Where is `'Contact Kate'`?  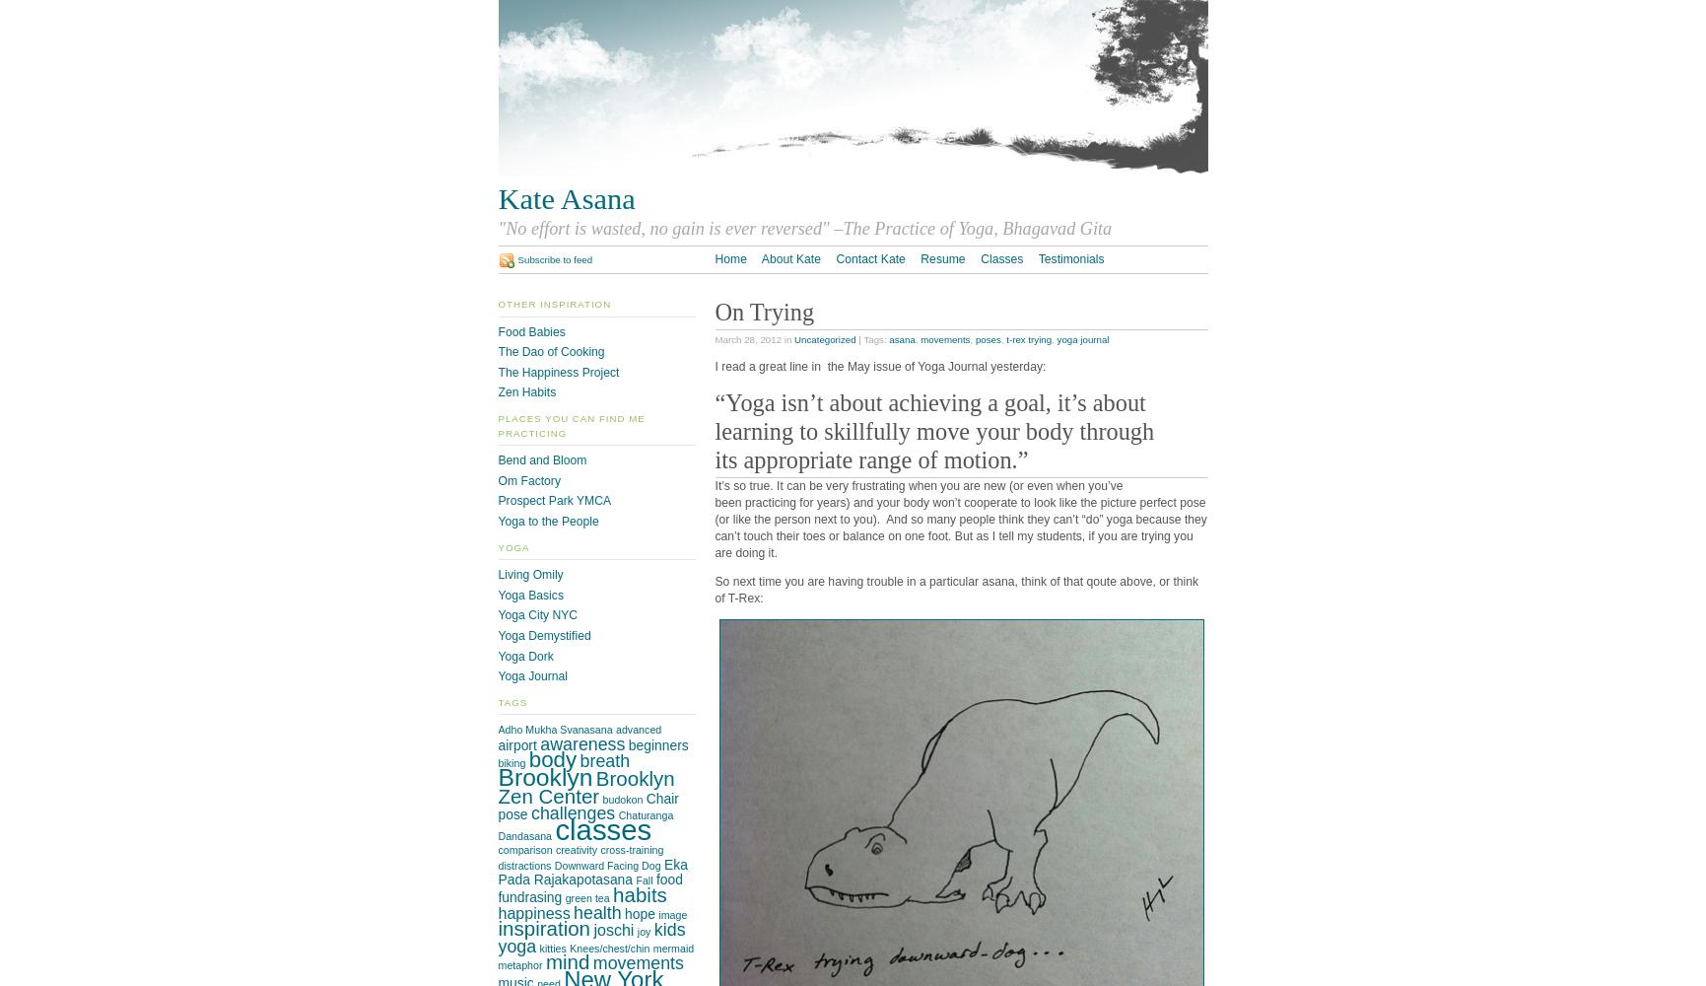
'Contact Kate' is located at coordinates (836, 259).